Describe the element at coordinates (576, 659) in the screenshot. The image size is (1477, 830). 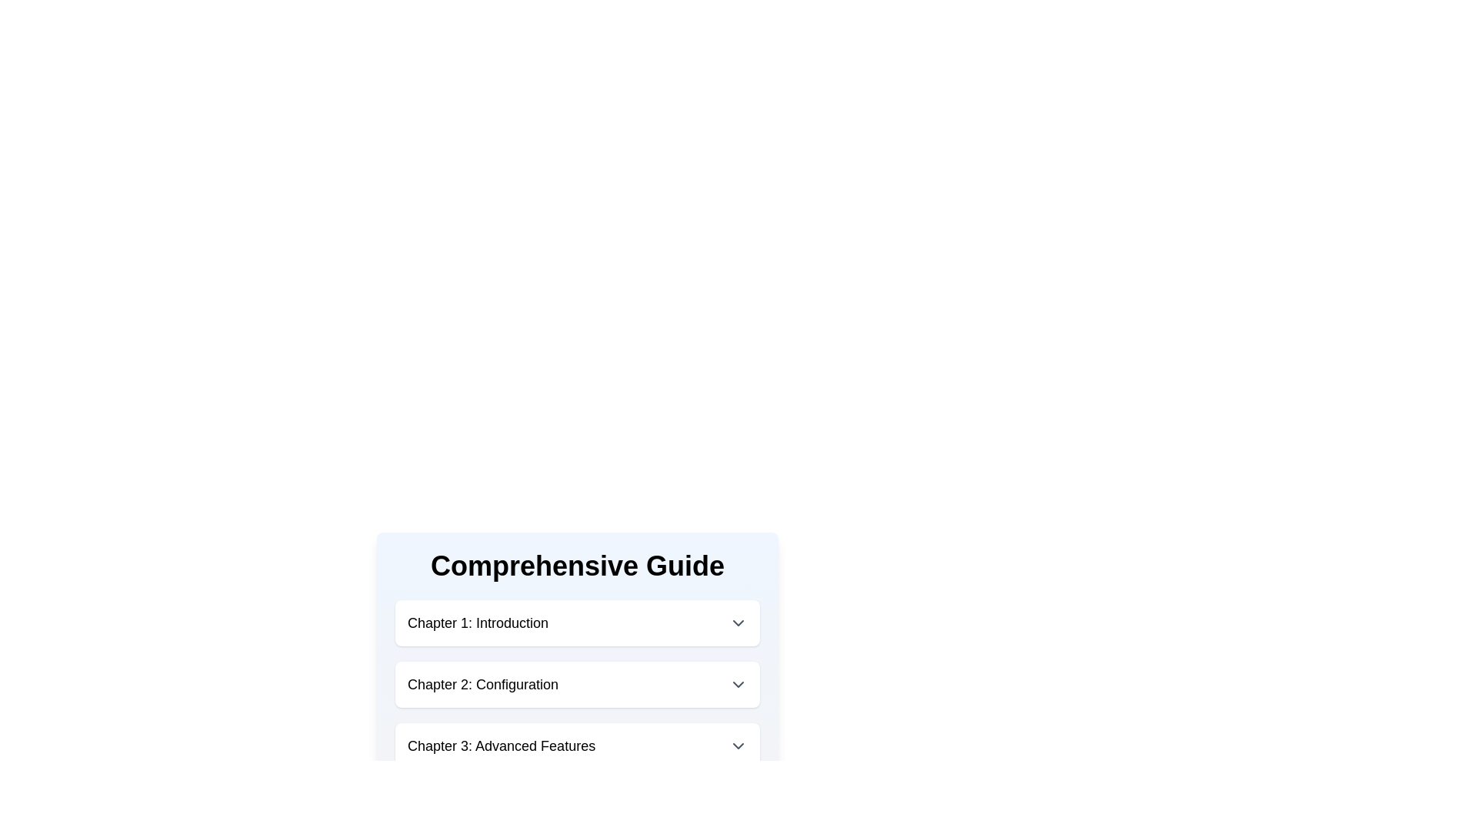
I see `the collapsible dropdown item for 'Chapter 2: Configuration'` at that location.